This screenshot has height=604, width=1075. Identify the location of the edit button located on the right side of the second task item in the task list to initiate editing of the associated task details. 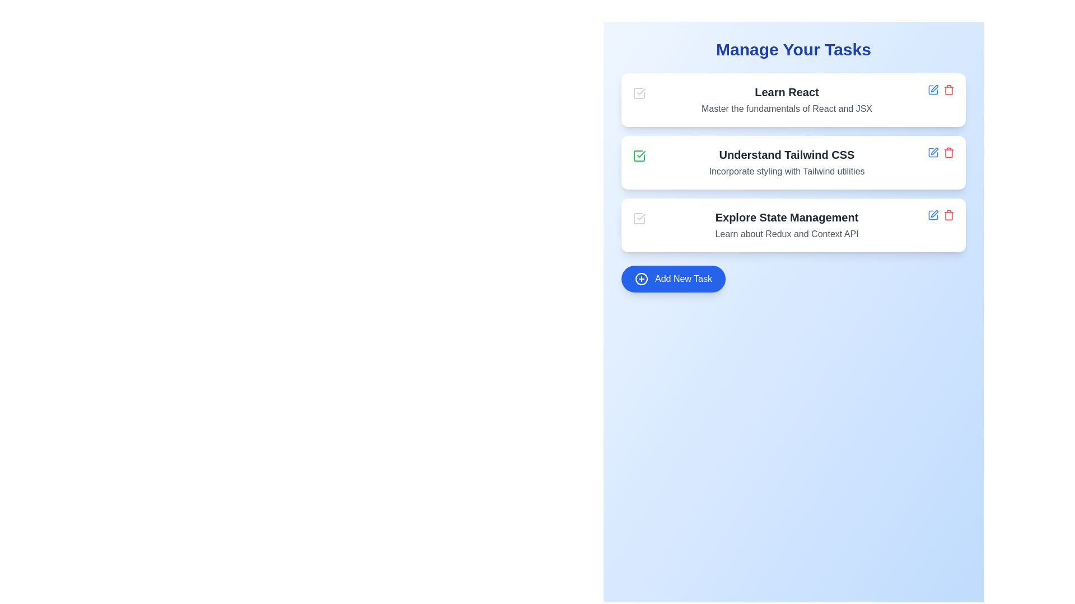
(933, 153).